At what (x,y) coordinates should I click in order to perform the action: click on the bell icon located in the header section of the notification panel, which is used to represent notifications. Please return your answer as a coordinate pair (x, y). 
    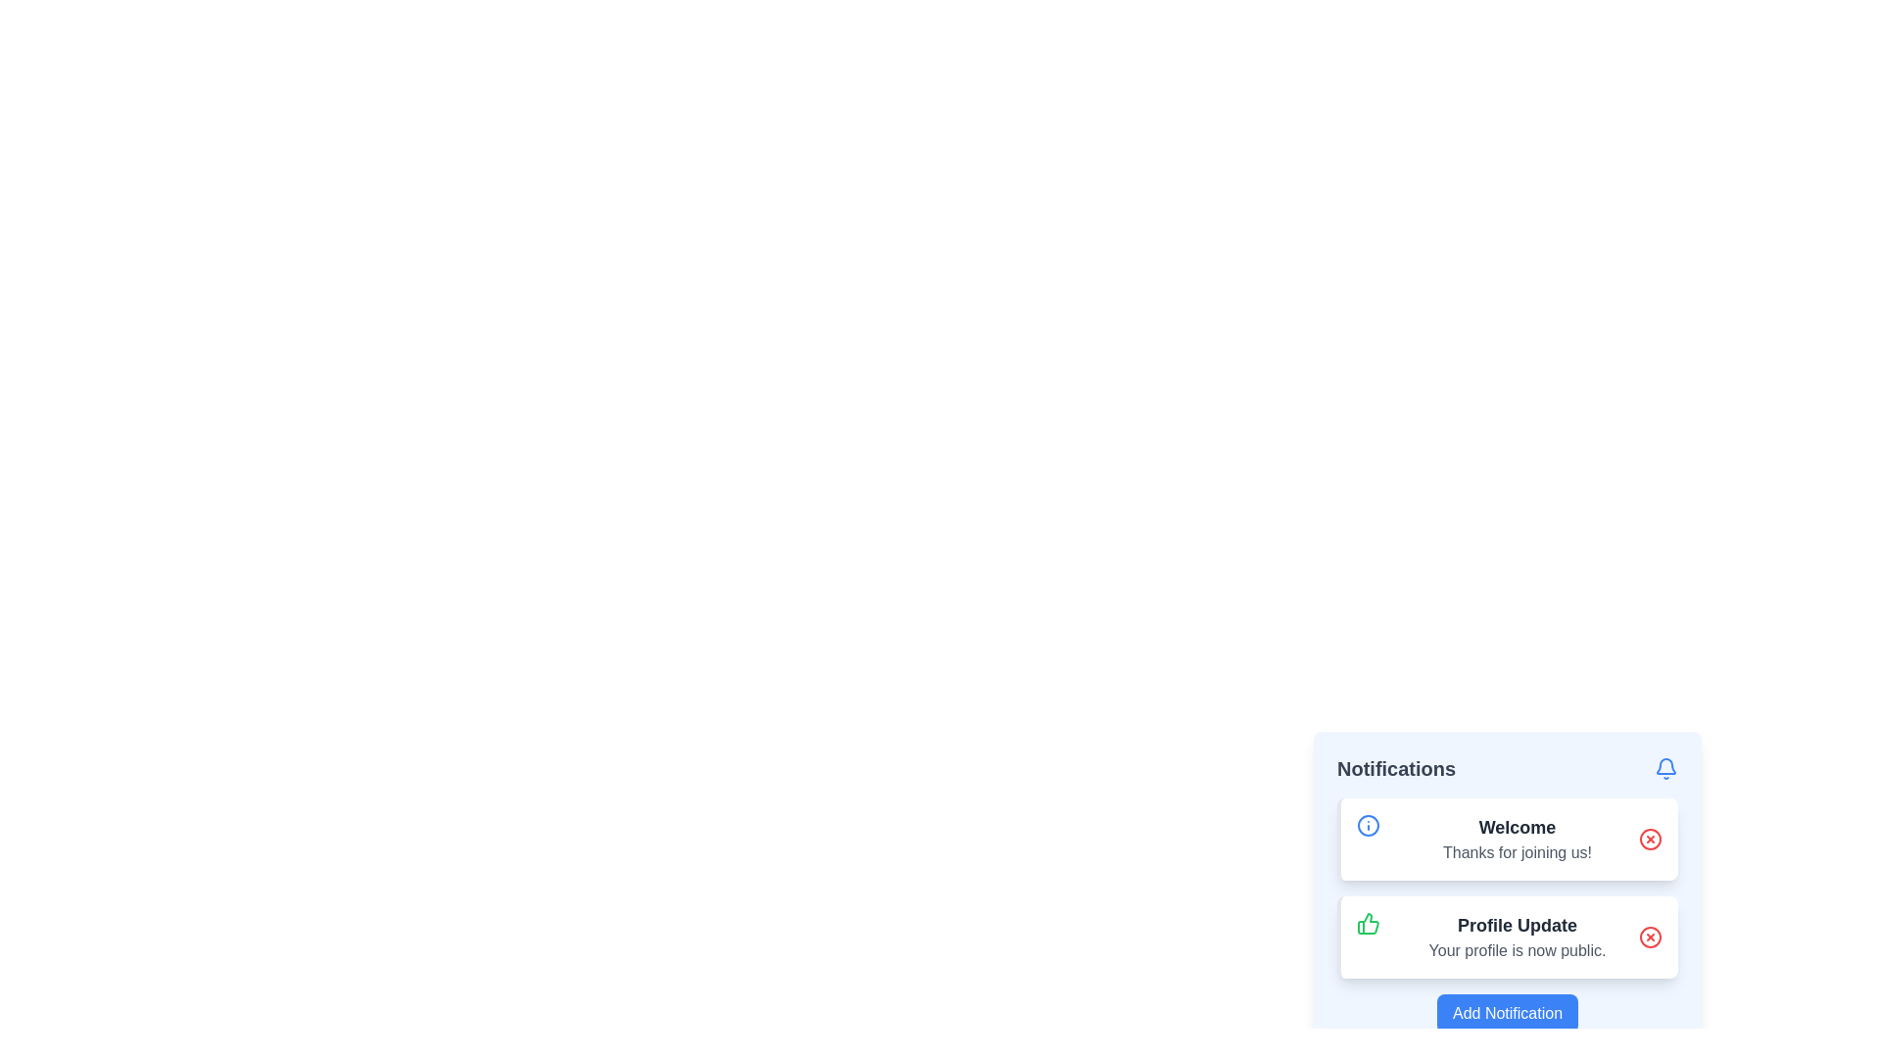
    Looking at the image, I should click on (1664, 768).